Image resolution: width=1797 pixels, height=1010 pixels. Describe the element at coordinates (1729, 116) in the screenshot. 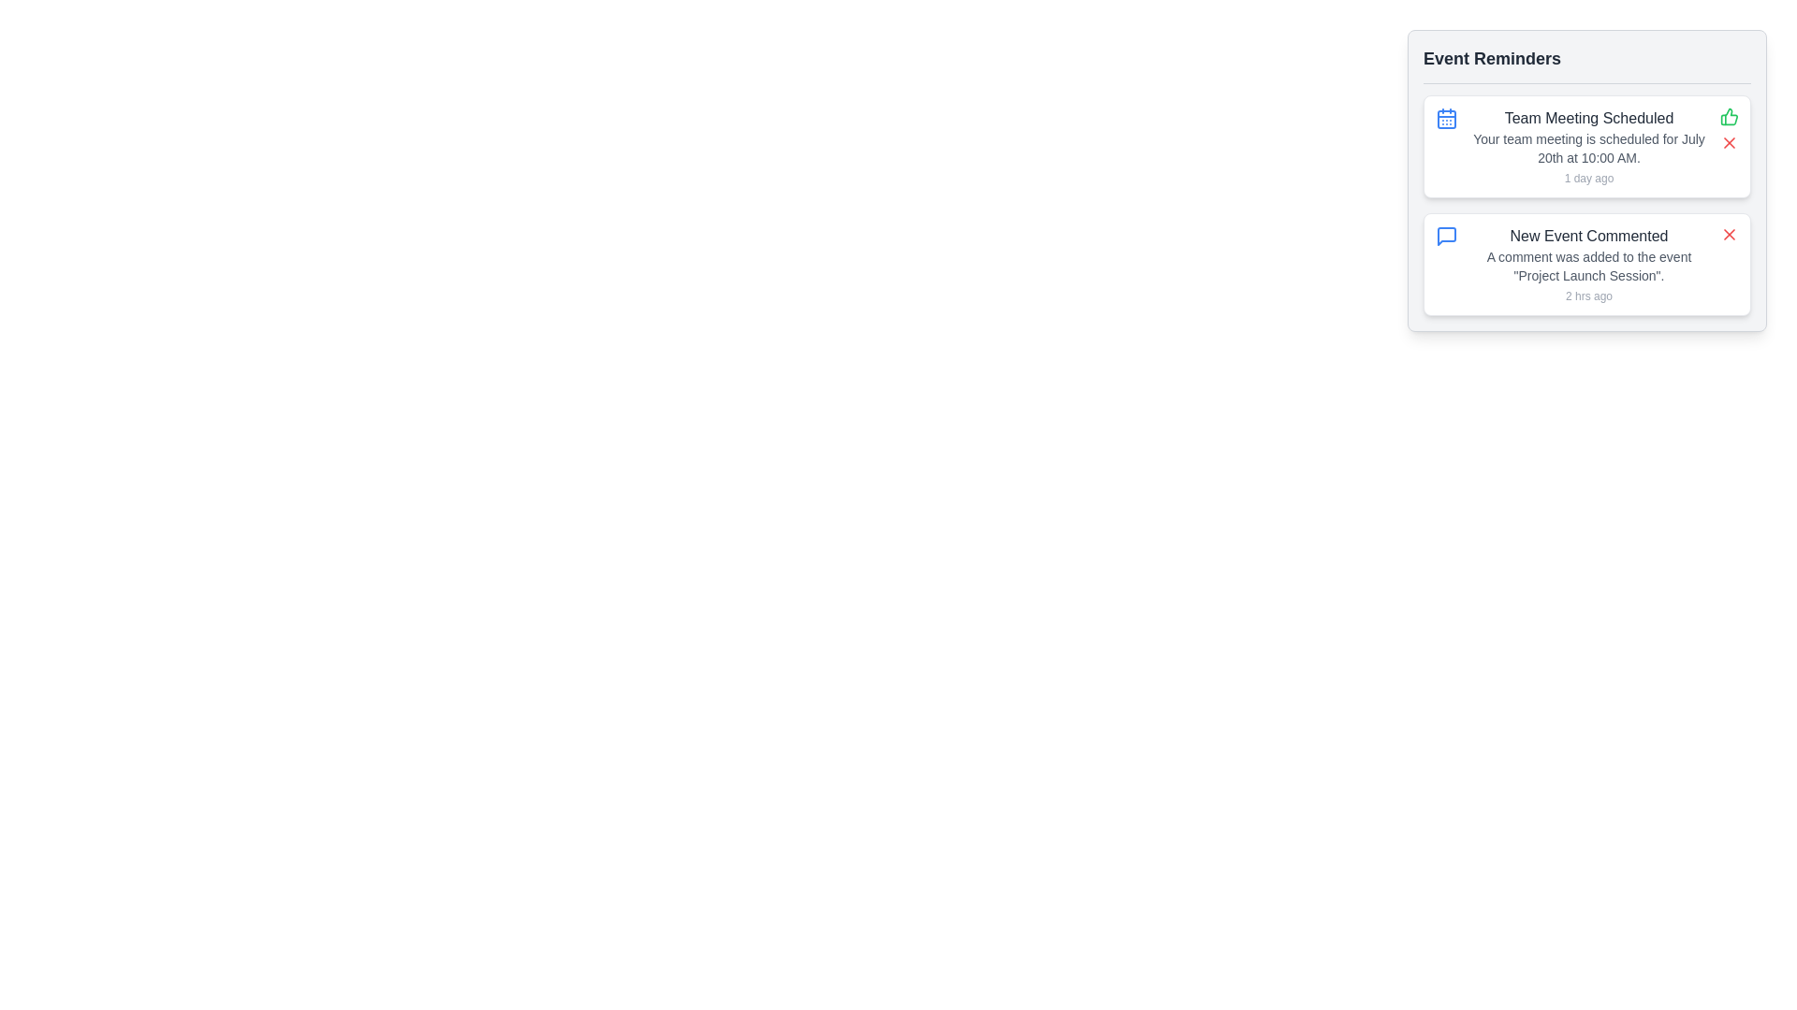

I see `the visual representation of approval by interacting with the thumbs-up SVG icon located in the 'Event Reminders' section at the top right corner of the page` at that location.